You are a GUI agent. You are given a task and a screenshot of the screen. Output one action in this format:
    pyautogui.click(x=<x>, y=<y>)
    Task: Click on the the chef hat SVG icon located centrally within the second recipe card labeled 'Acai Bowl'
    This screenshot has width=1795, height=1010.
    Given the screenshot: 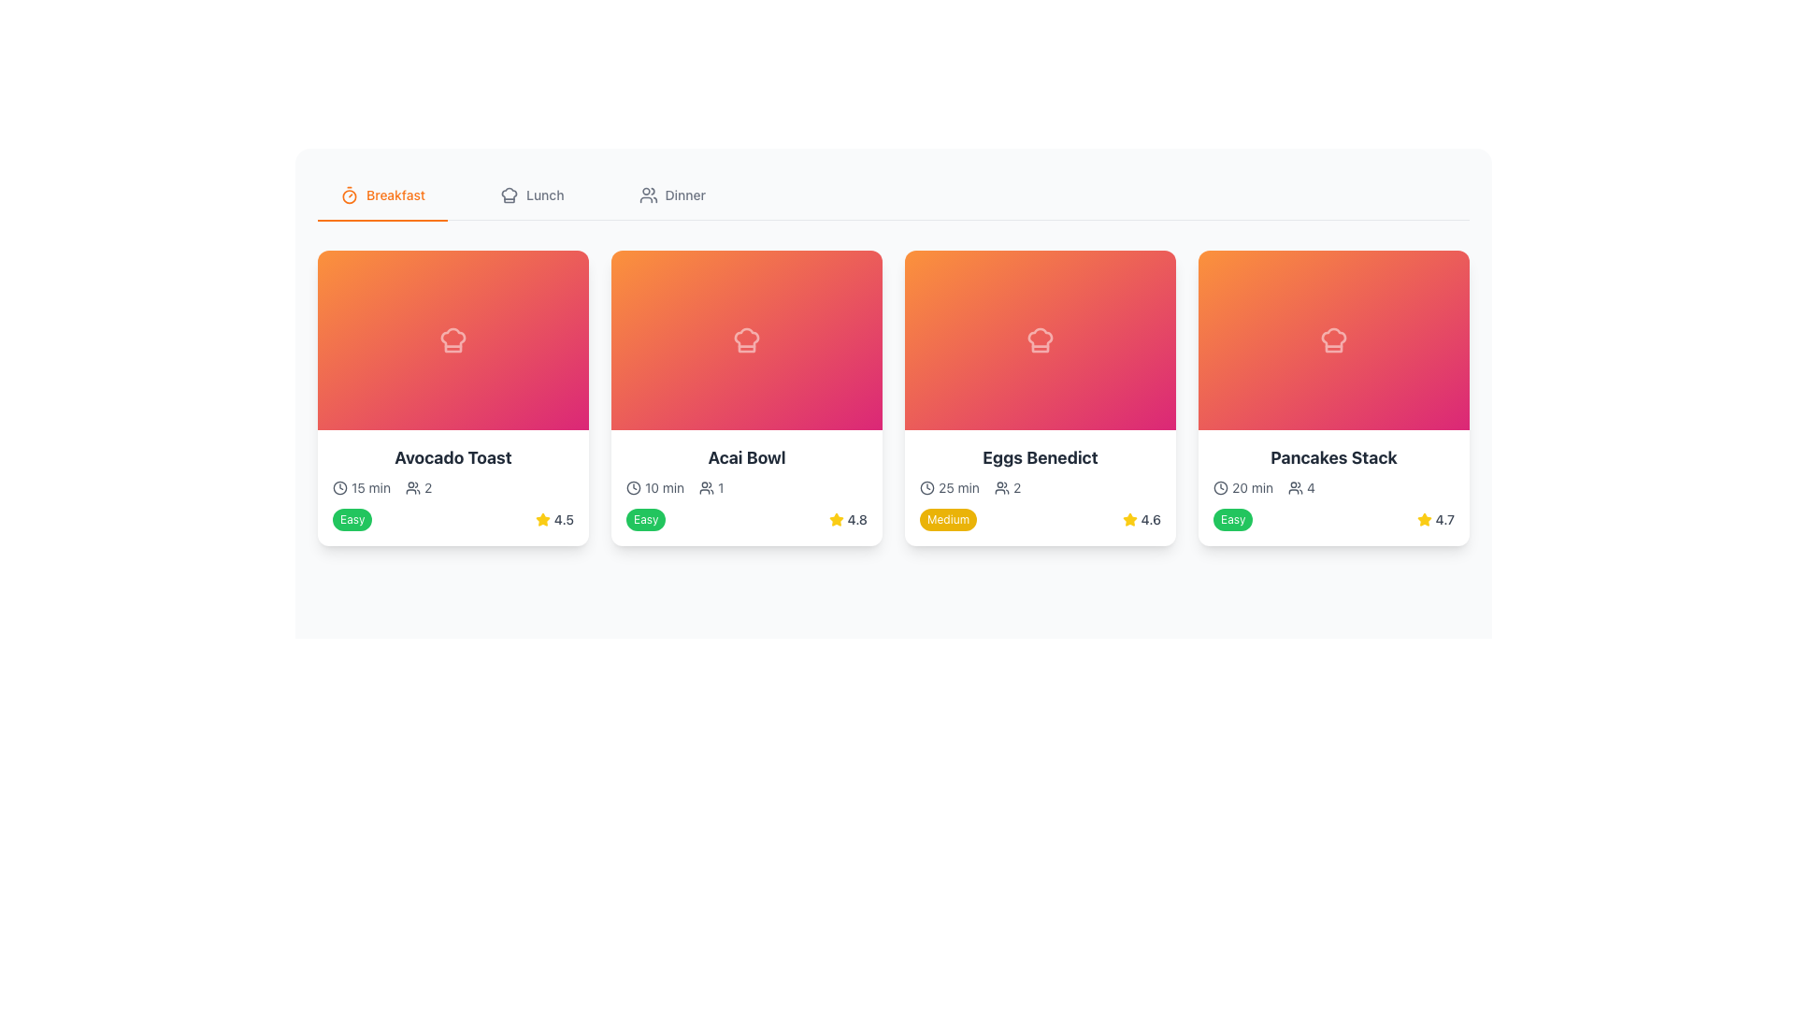 What is the action you would take?
    pyautogui.click(x=745, y=339)
    